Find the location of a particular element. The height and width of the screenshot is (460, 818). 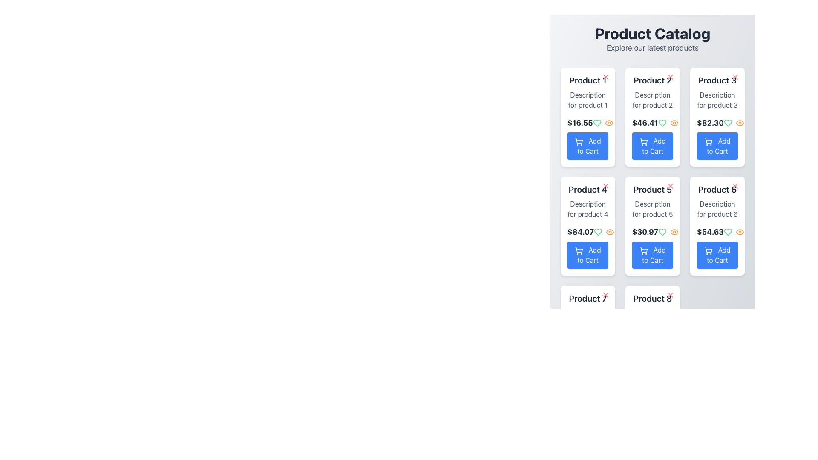

the text label displaying 'Description for product 4' which is located in the second row of a grid layout within the fourth card titled 'Product 4' is located at coordinates (588, 209).